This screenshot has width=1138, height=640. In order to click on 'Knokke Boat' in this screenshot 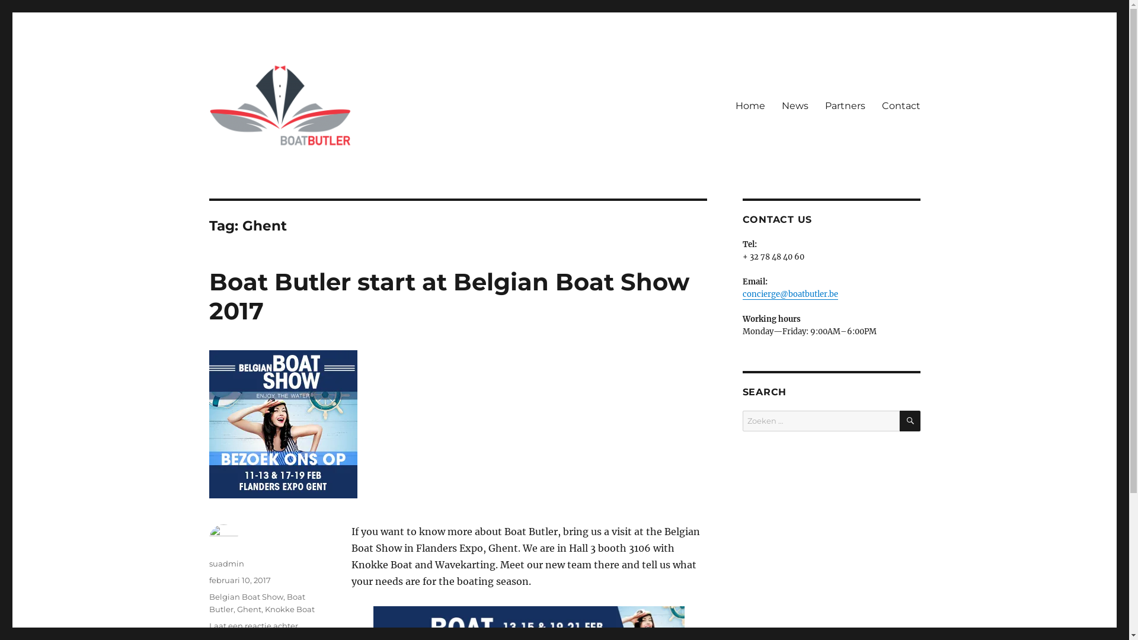, I will do `click(289, 609)`.